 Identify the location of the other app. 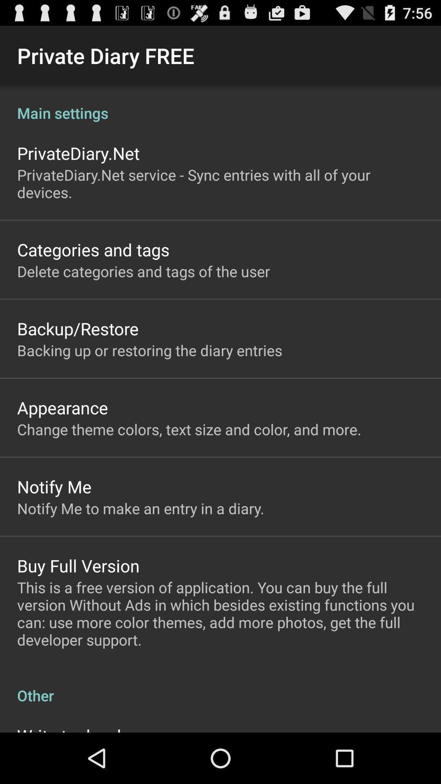
(220, 686).